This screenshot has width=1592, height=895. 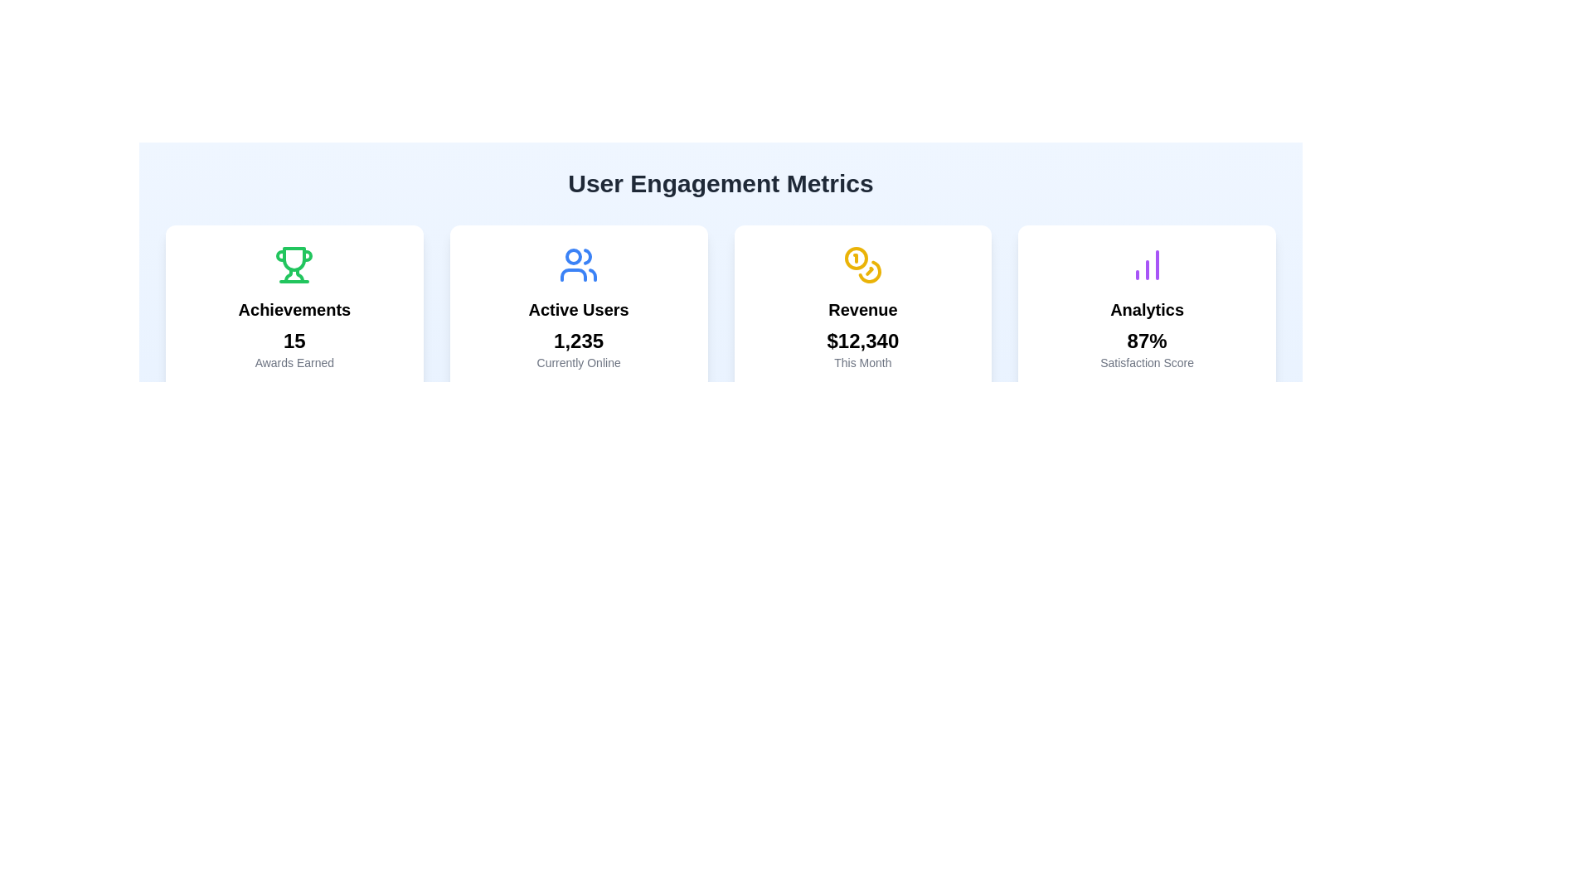 What do you see at coordinates (289, 274) in the screenshot?
I see `the left side of the base and handle of the green trophy SVG icon within the 'Achievements' card, which is part of the 'User Engagement Metrics' section` at bounding box center [289, 274].